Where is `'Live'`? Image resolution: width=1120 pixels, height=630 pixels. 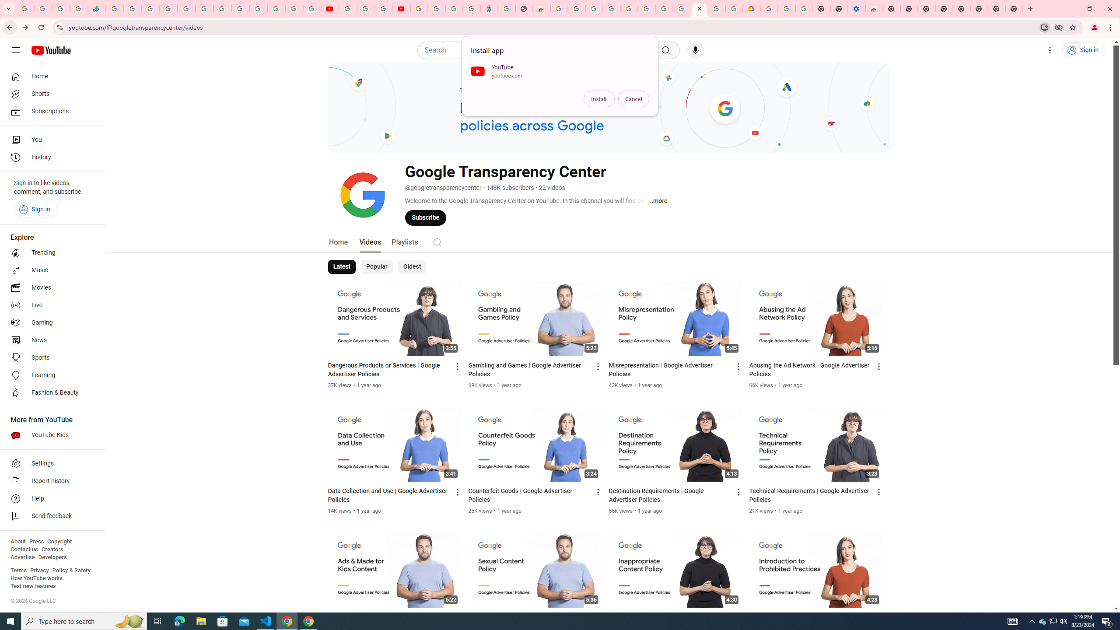
'Live' is located at coordinates (49, 305).